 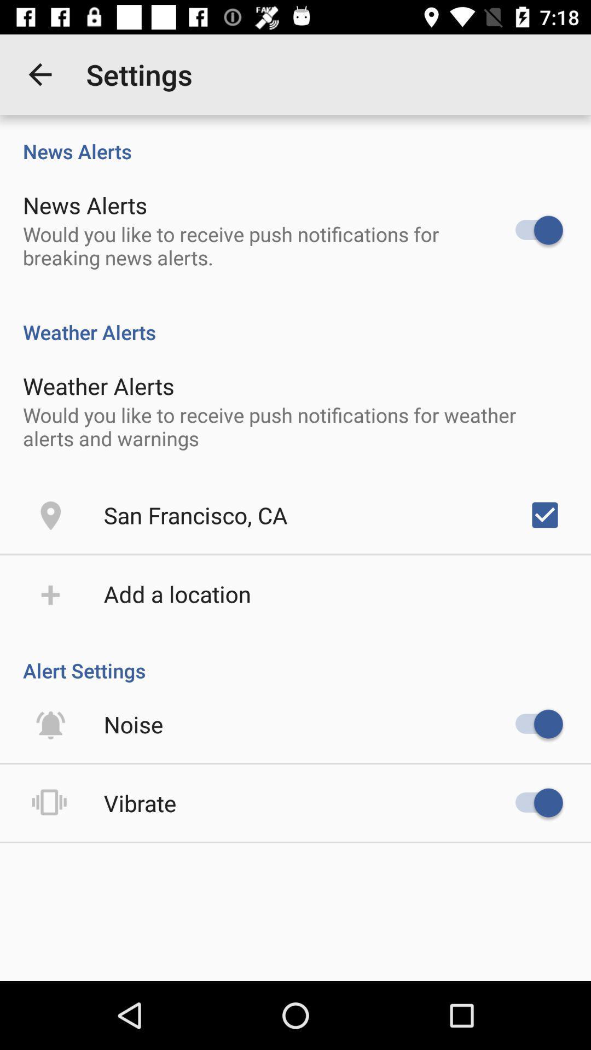 I want to click on the icon above vibrate item, so click(x=133, y=724).